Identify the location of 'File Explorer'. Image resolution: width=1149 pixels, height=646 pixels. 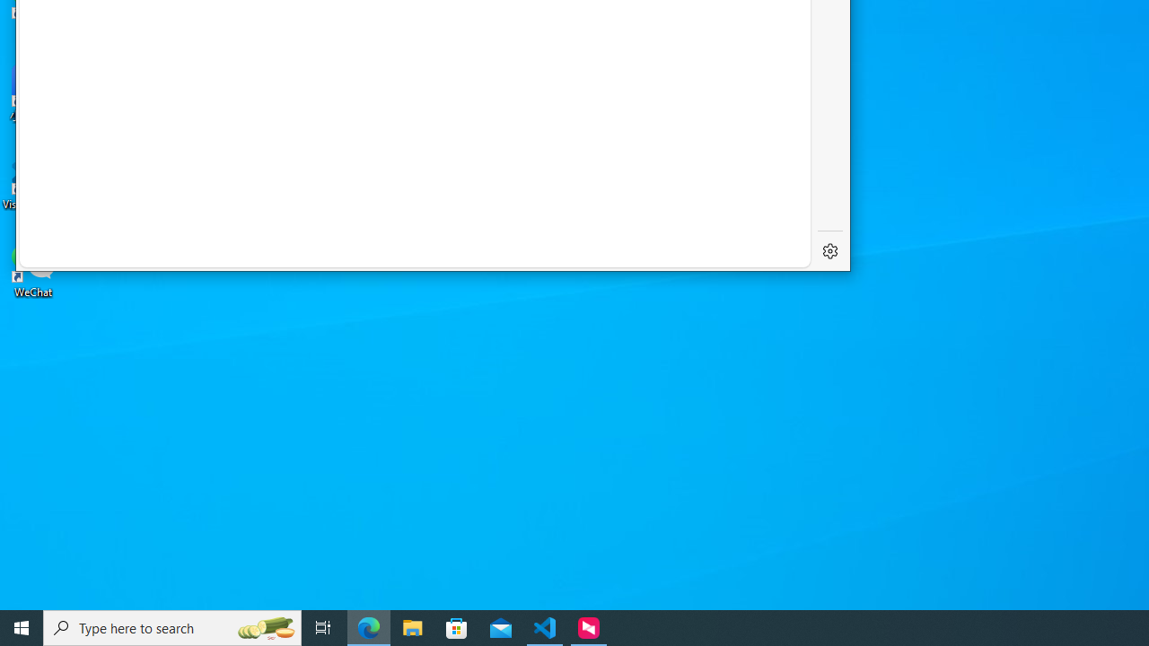
(412, 626).